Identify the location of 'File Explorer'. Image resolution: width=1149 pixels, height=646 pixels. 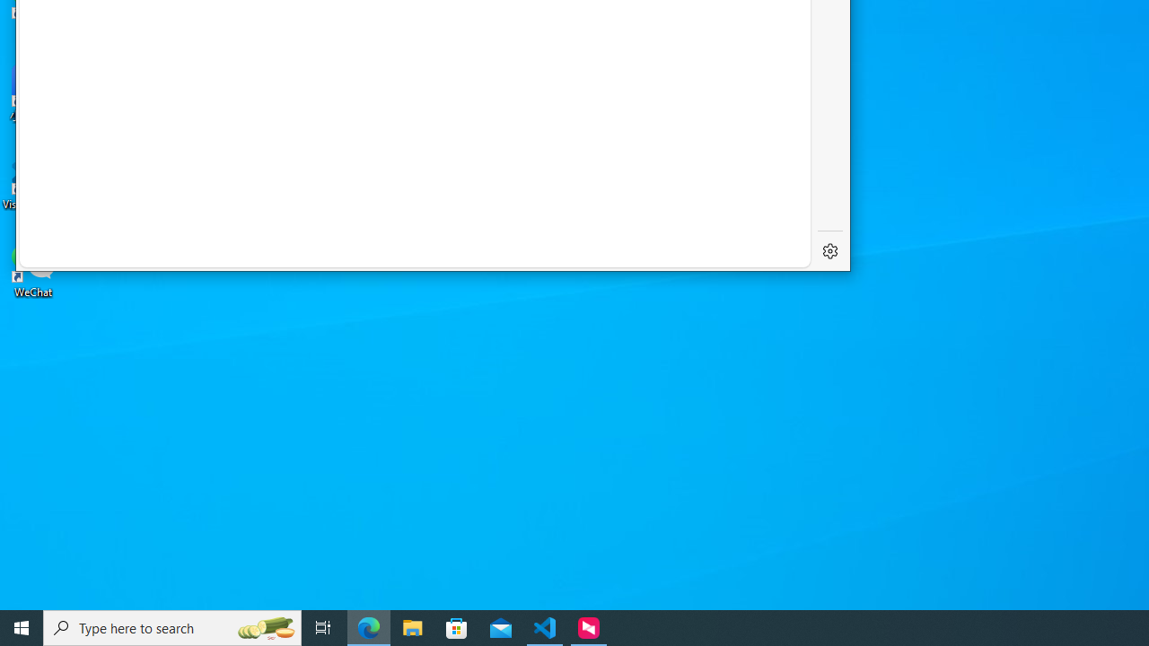
(412, 626).